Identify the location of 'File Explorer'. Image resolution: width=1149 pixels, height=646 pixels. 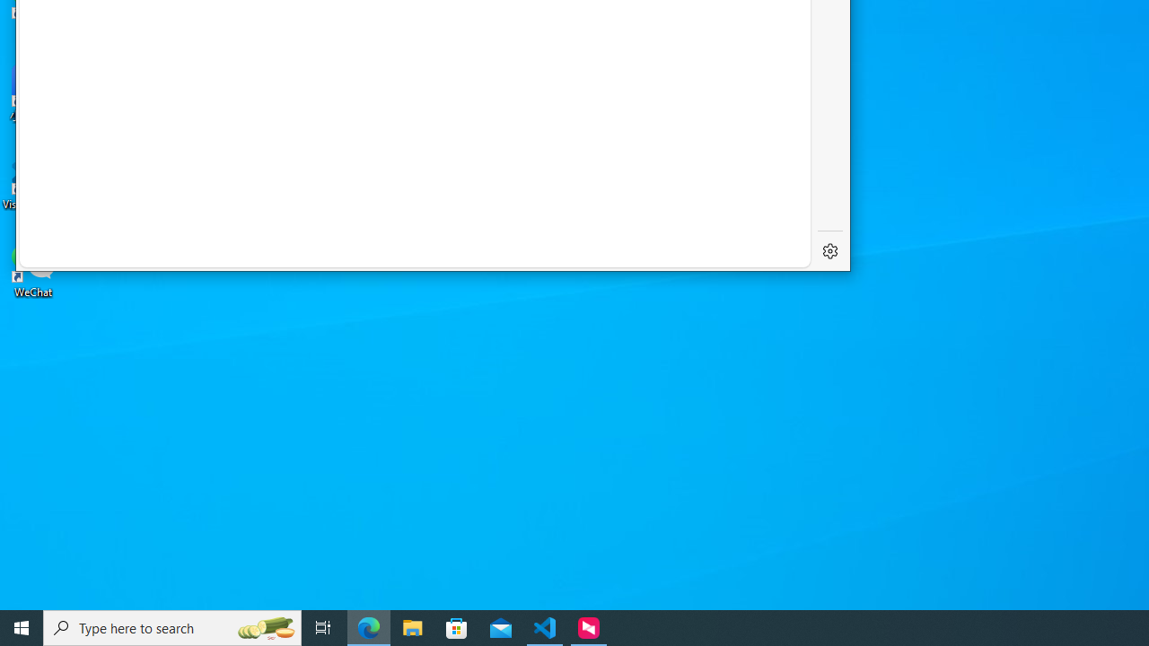
(412, 626).